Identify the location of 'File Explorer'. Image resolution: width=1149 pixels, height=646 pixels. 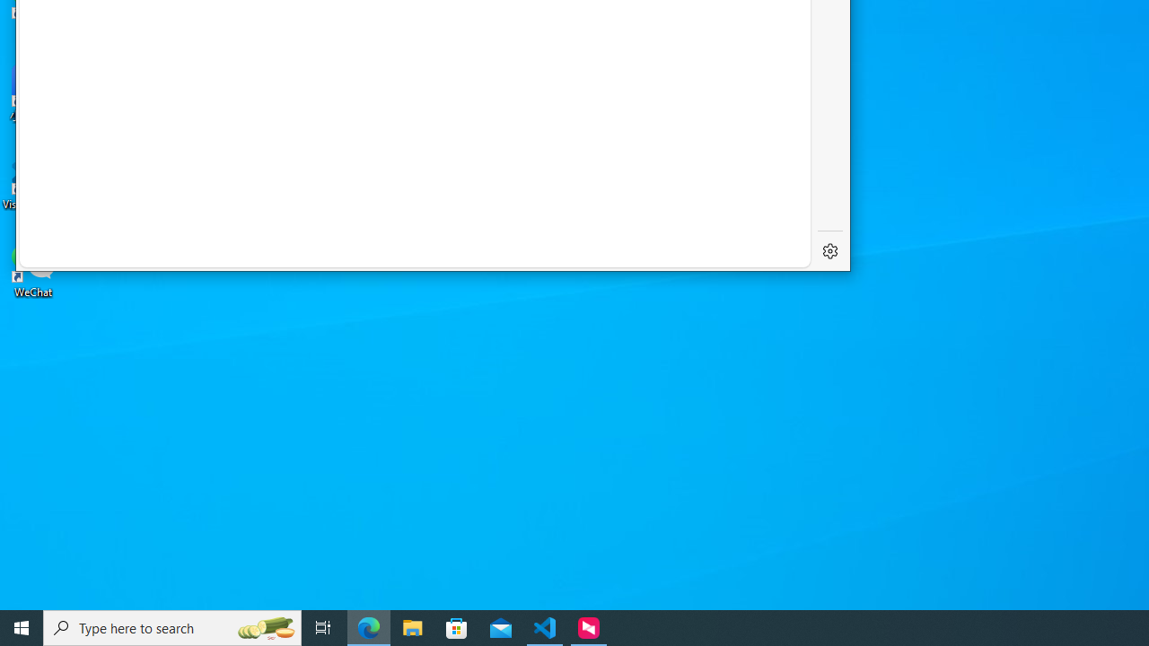
(412, 626).